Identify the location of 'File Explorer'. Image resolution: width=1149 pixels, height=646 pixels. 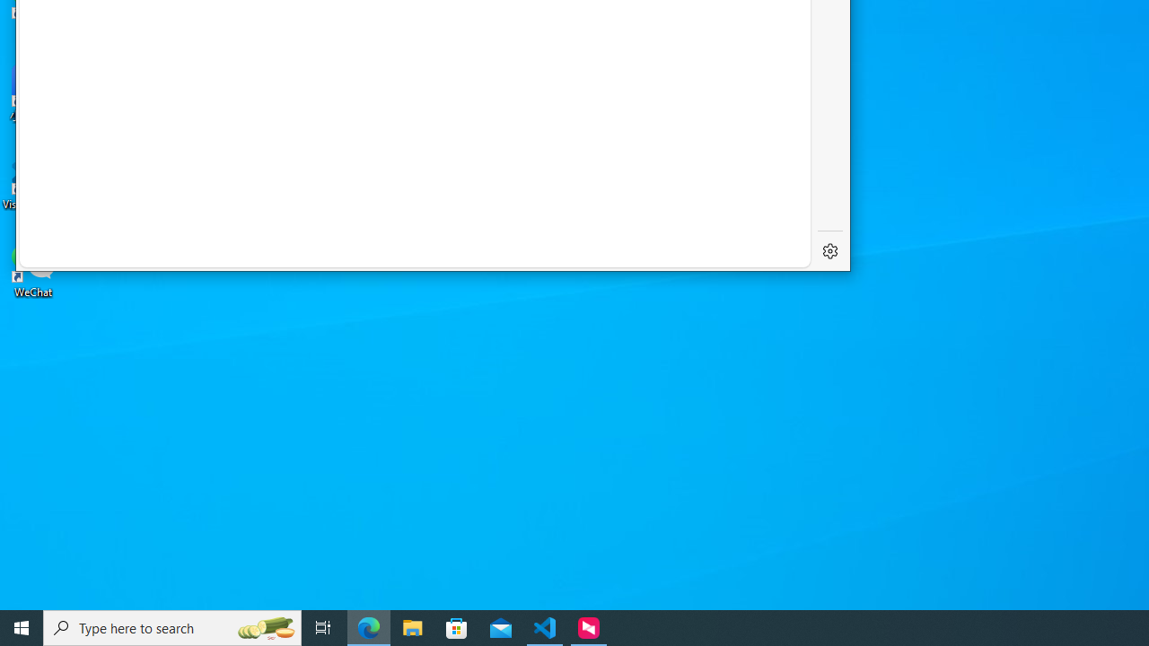
(412, 626).